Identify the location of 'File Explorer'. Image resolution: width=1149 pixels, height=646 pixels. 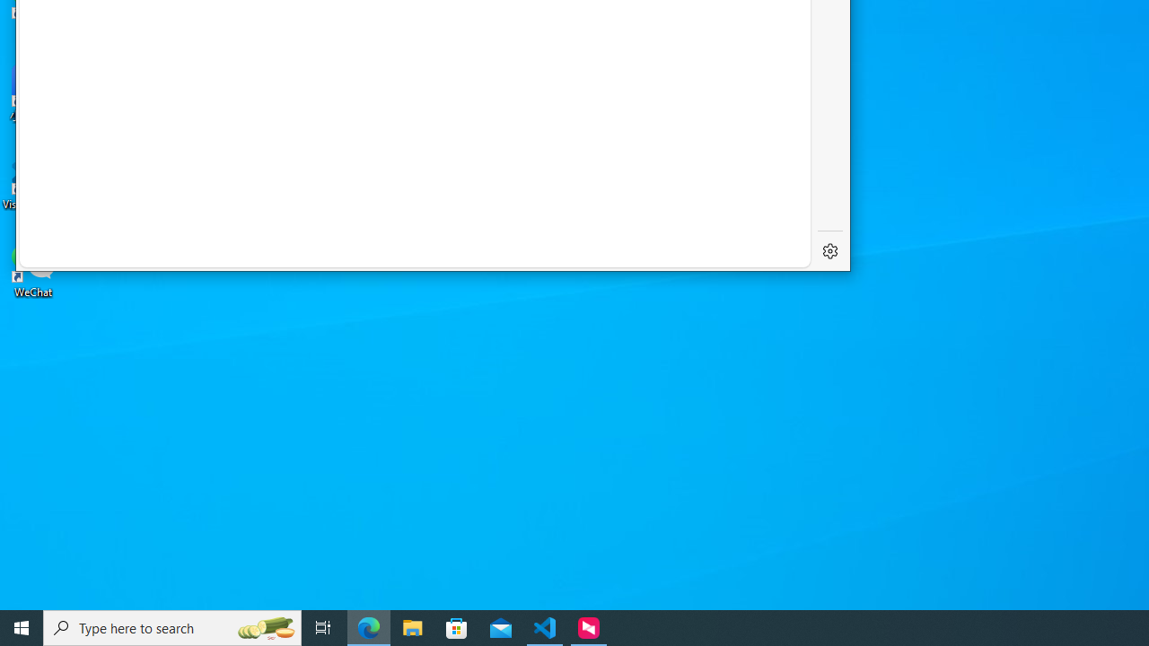
(412, 626).